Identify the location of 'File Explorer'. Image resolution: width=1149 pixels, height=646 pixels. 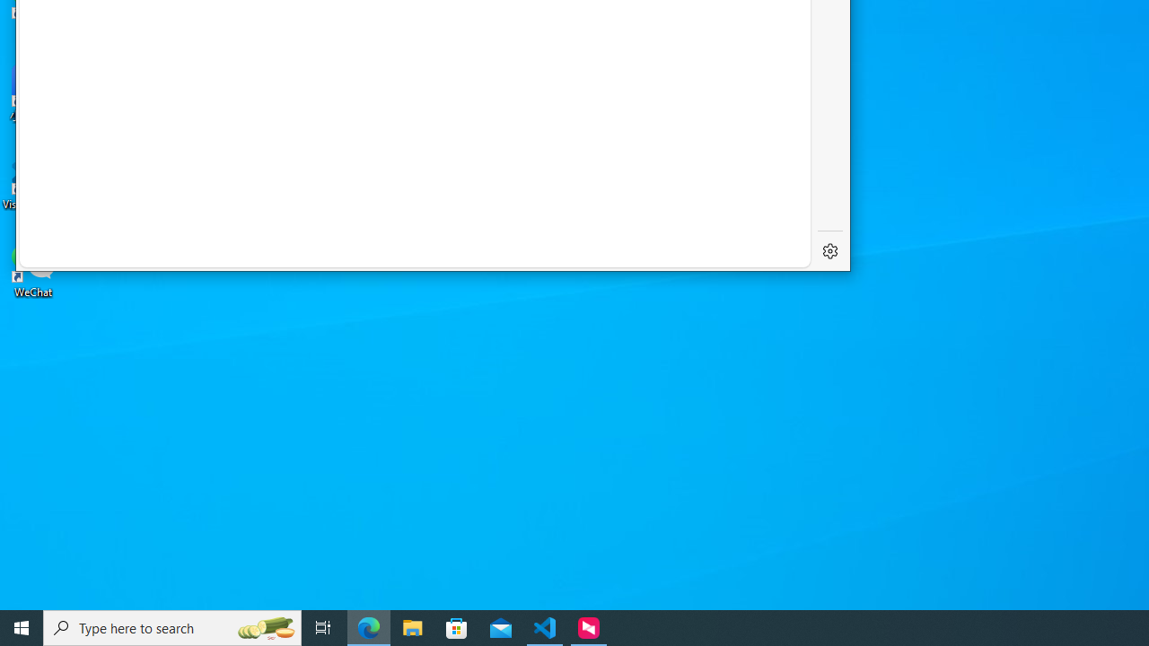
(412, 626).